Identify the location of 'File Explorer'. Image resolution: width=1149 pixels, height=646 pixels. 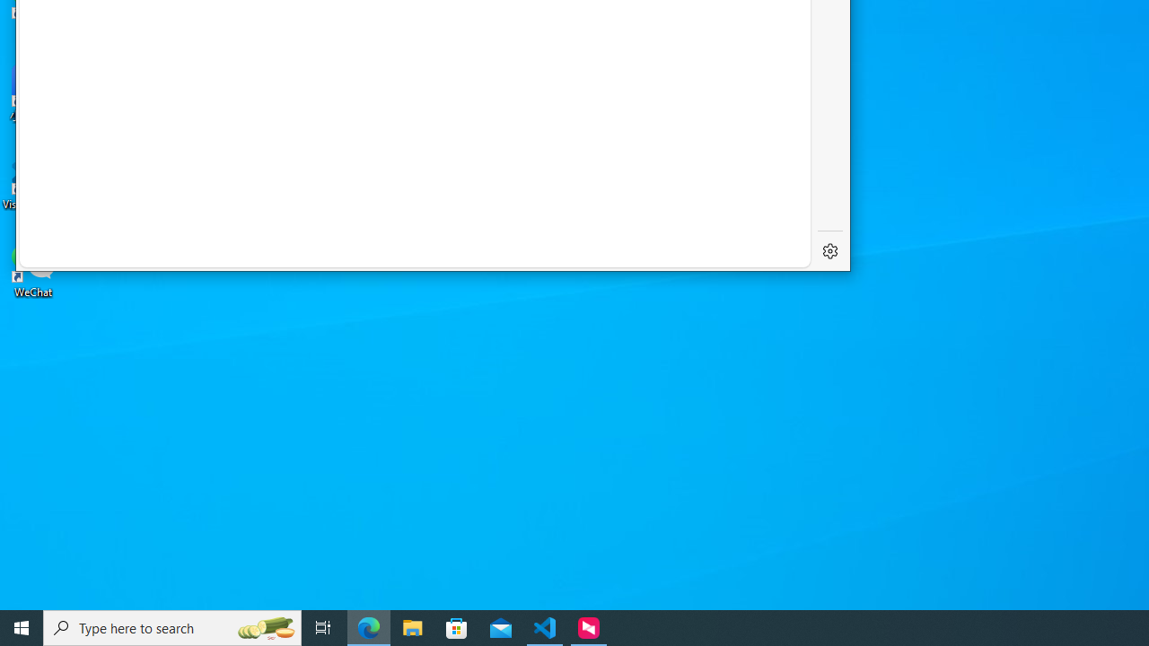
(412, 626).